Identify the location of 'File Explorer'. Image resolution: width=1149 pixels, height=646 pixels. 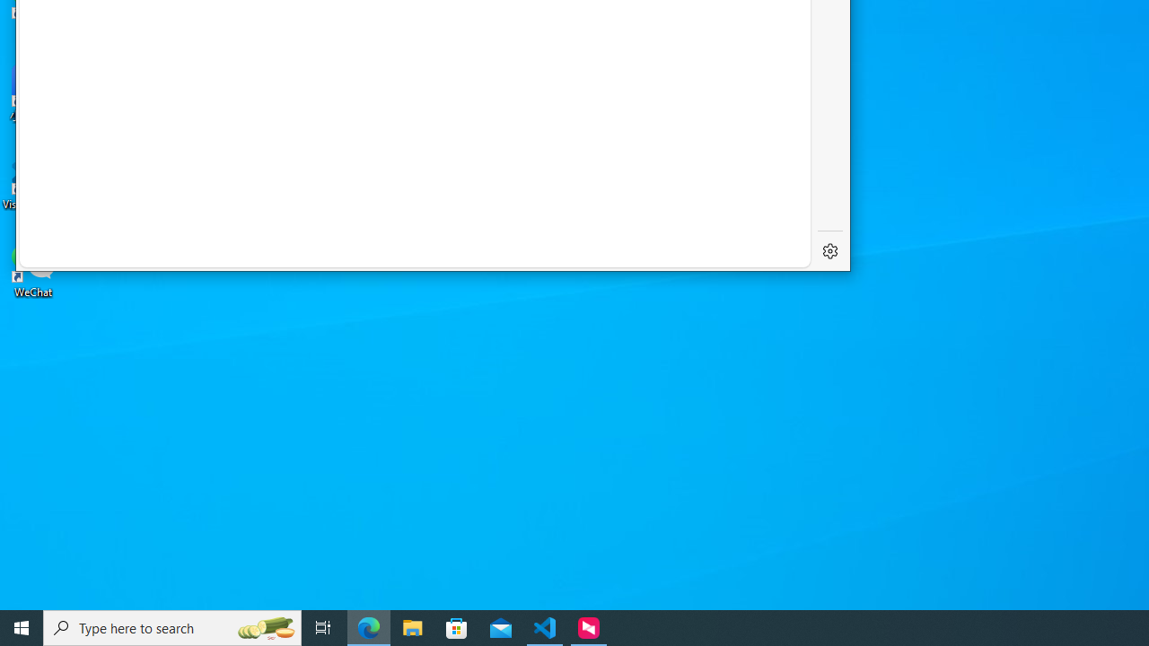
(412, 626).